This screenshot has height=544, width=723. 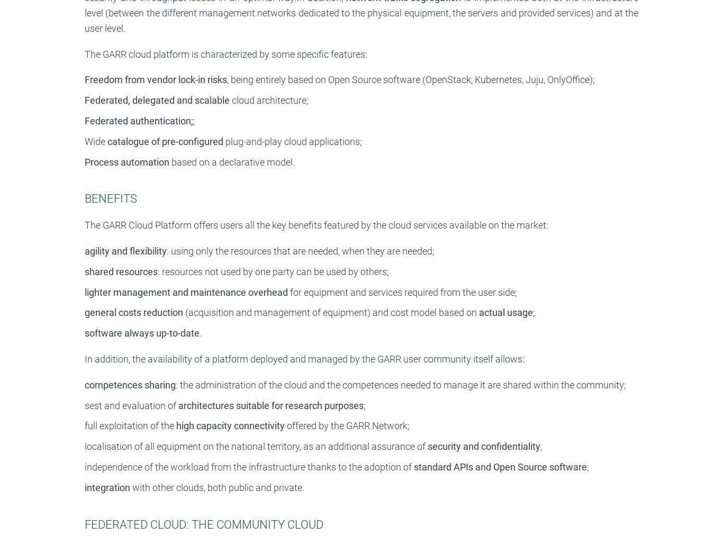 What do you see at coordinates (156, 79) in the screenshot?
I see `'Freedom from vendor lock-in risks'` at bounding box center [156, 79].